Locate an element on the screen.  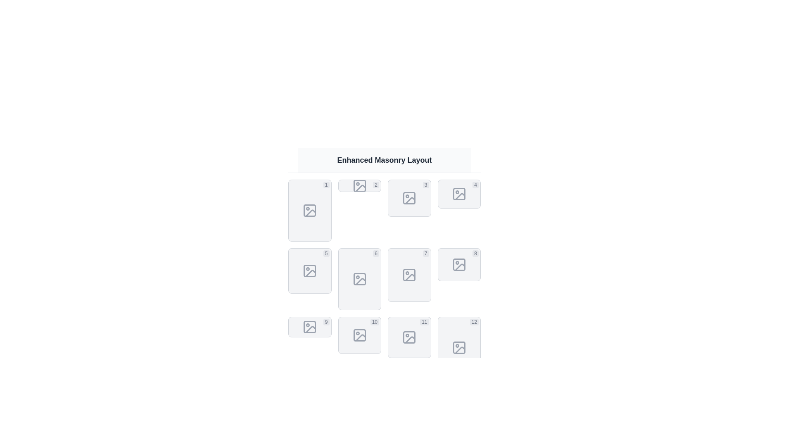
the square shape with rounded corners within the image frame icon located in the 8th card of the masonry layout, positioned in the second row's fourth column is located at coordinates (458, 264).